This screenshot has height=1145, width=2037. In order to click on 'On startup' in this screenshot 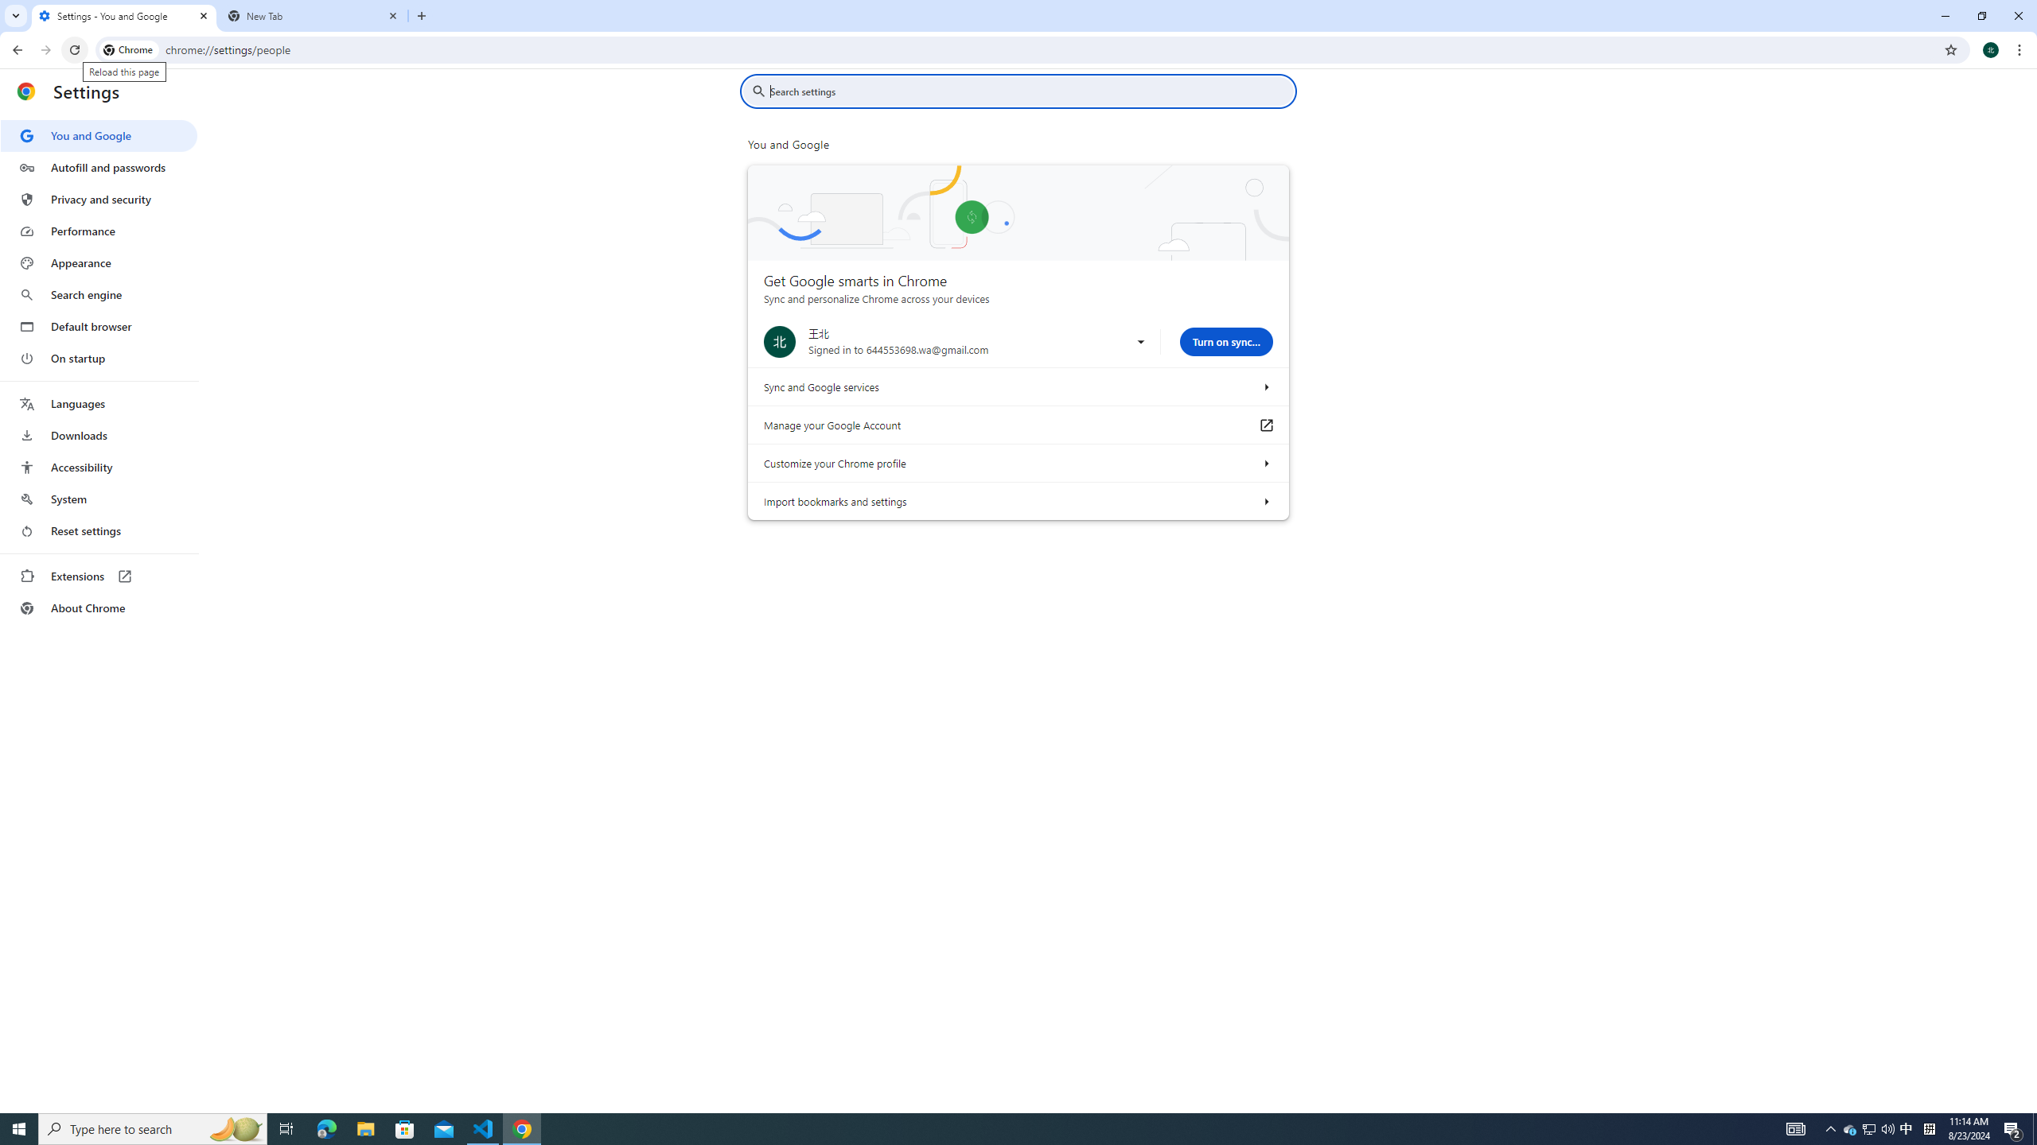, I will do `click(98, 357)`.